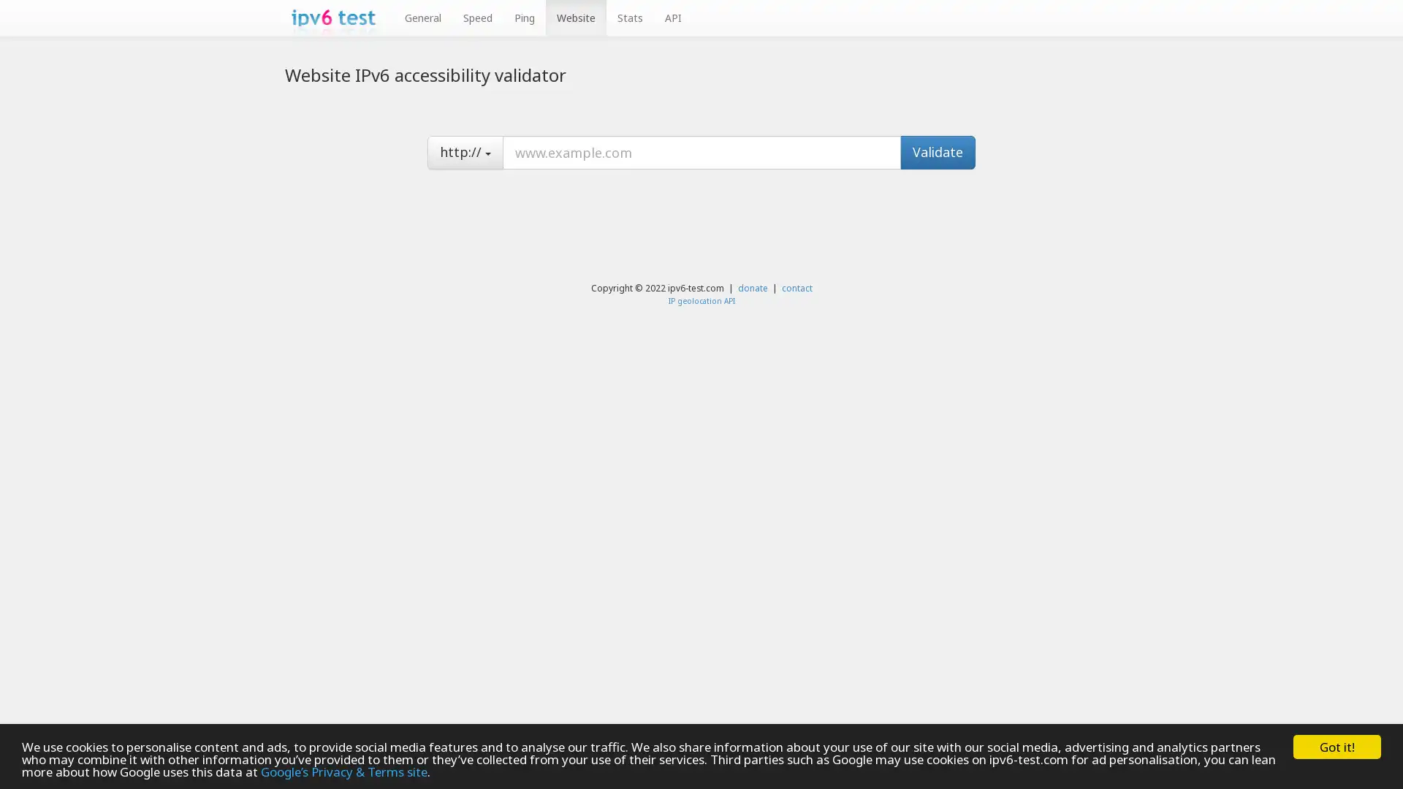  What do you see at coordinates (465, 152) in the screenshot?
I see `http://` at bounding box center [465, 152].